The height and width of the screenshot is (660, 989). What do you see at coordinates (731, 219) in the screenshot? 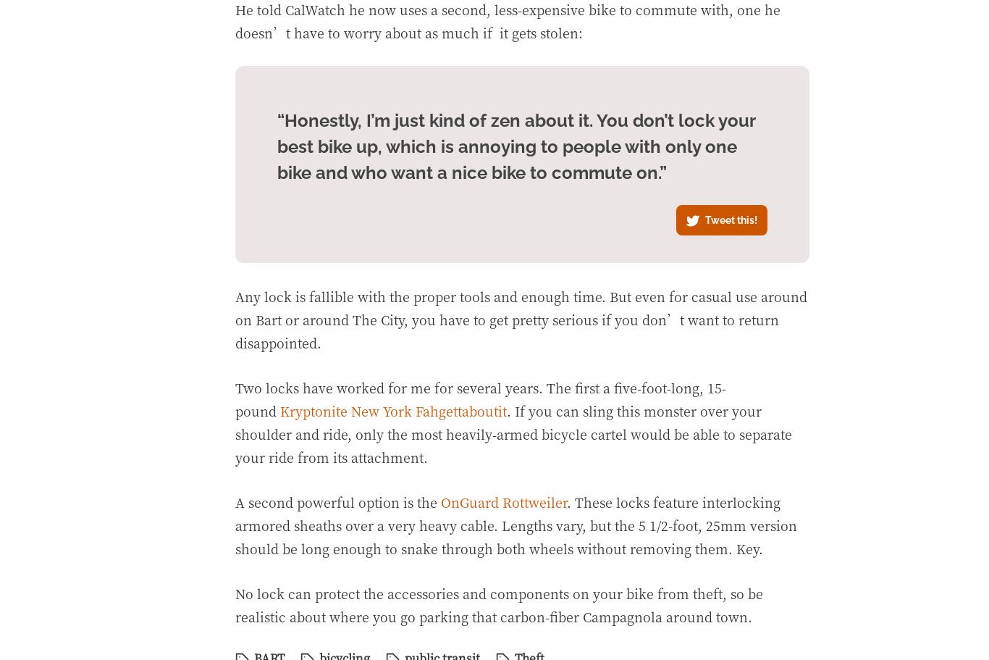
I see `'Tweet this!'` at bounding box center [731, 219].